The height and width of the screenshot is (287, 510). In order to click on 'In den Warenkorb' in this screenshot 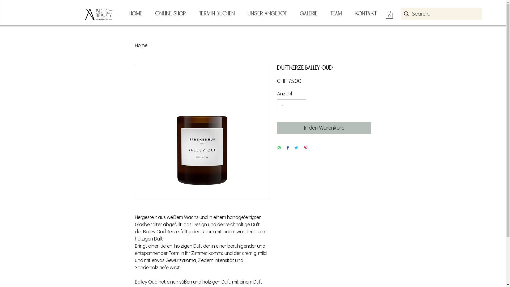, I will do `click(324, 128)`.